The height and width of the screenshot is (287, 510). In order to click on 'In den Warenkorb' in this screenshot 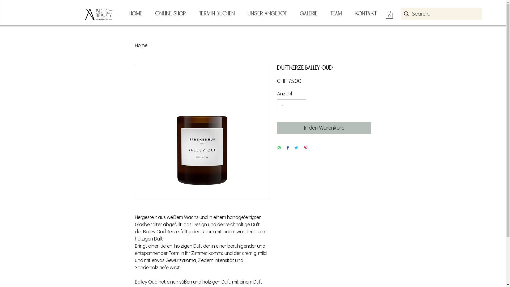, I will do `click(324, 128)`.